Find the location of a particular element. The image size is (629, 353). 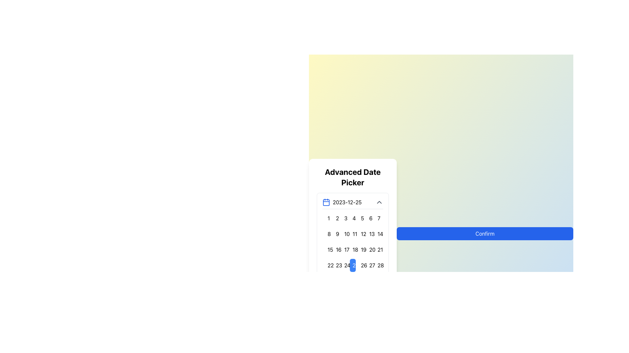

the date selection button for December 24th, 2023, to observe any hover effects is located at coordinates (344, 265).